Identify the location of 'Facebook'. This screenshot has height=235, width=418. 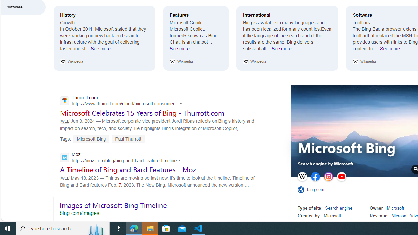
(315, 177).